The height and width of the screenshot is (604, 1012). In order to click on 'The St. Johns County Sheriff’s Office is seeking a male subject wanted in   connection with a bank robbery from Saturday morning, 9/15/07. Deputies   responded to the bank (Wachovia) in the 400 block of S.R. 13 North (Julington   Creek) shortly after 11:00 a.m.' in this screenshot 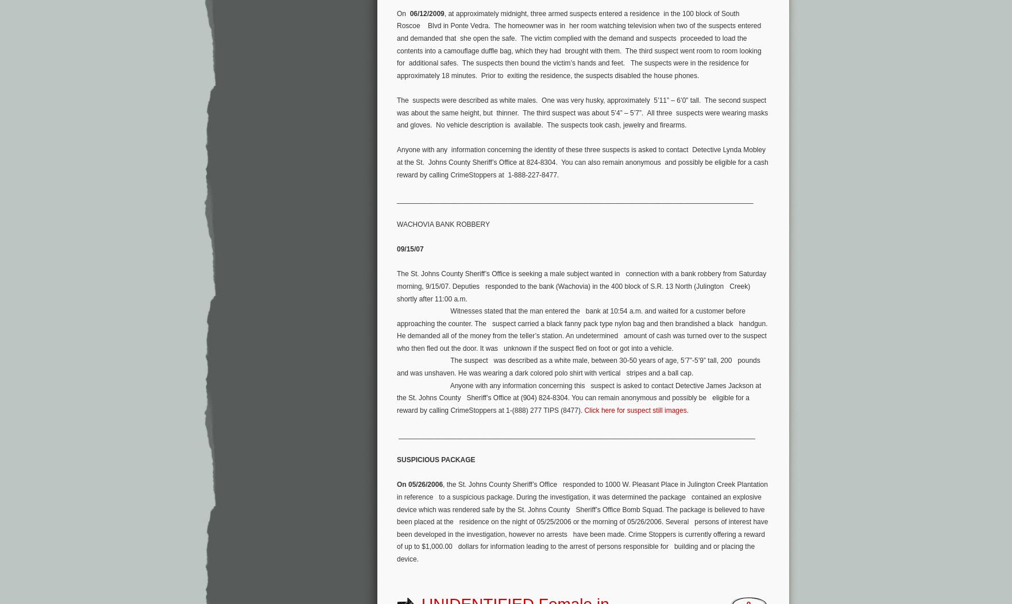, I will do `click(581, 285)`.